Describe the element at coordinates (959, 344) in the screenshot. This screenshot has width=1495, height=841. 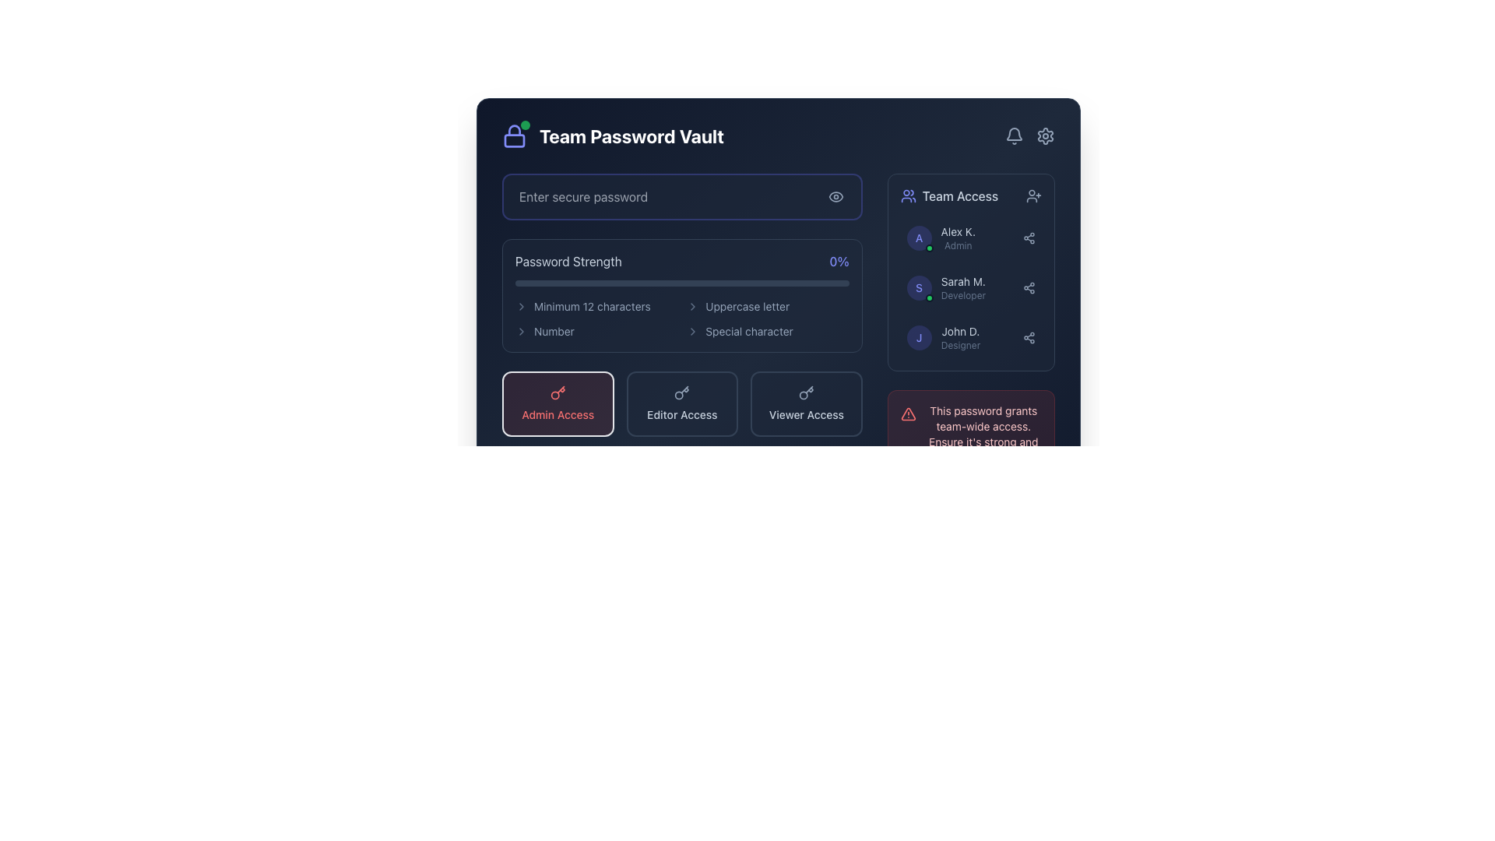
I see `the static text label displaying 'Designer', which is located below the name 'John D.' in the user profile section of the 'Team Access' sidebar panel` at that location.